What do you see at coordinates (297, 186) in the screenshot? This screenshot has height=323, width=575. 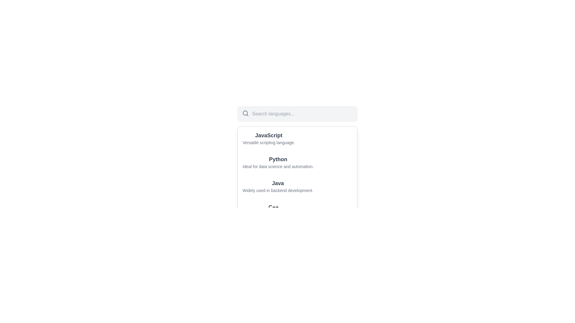 I see `the text block describing Java, which is the third item in a vertically stacked list of programming languages, located between the descriptions for Python and C++` at bounding box center [297, 186].